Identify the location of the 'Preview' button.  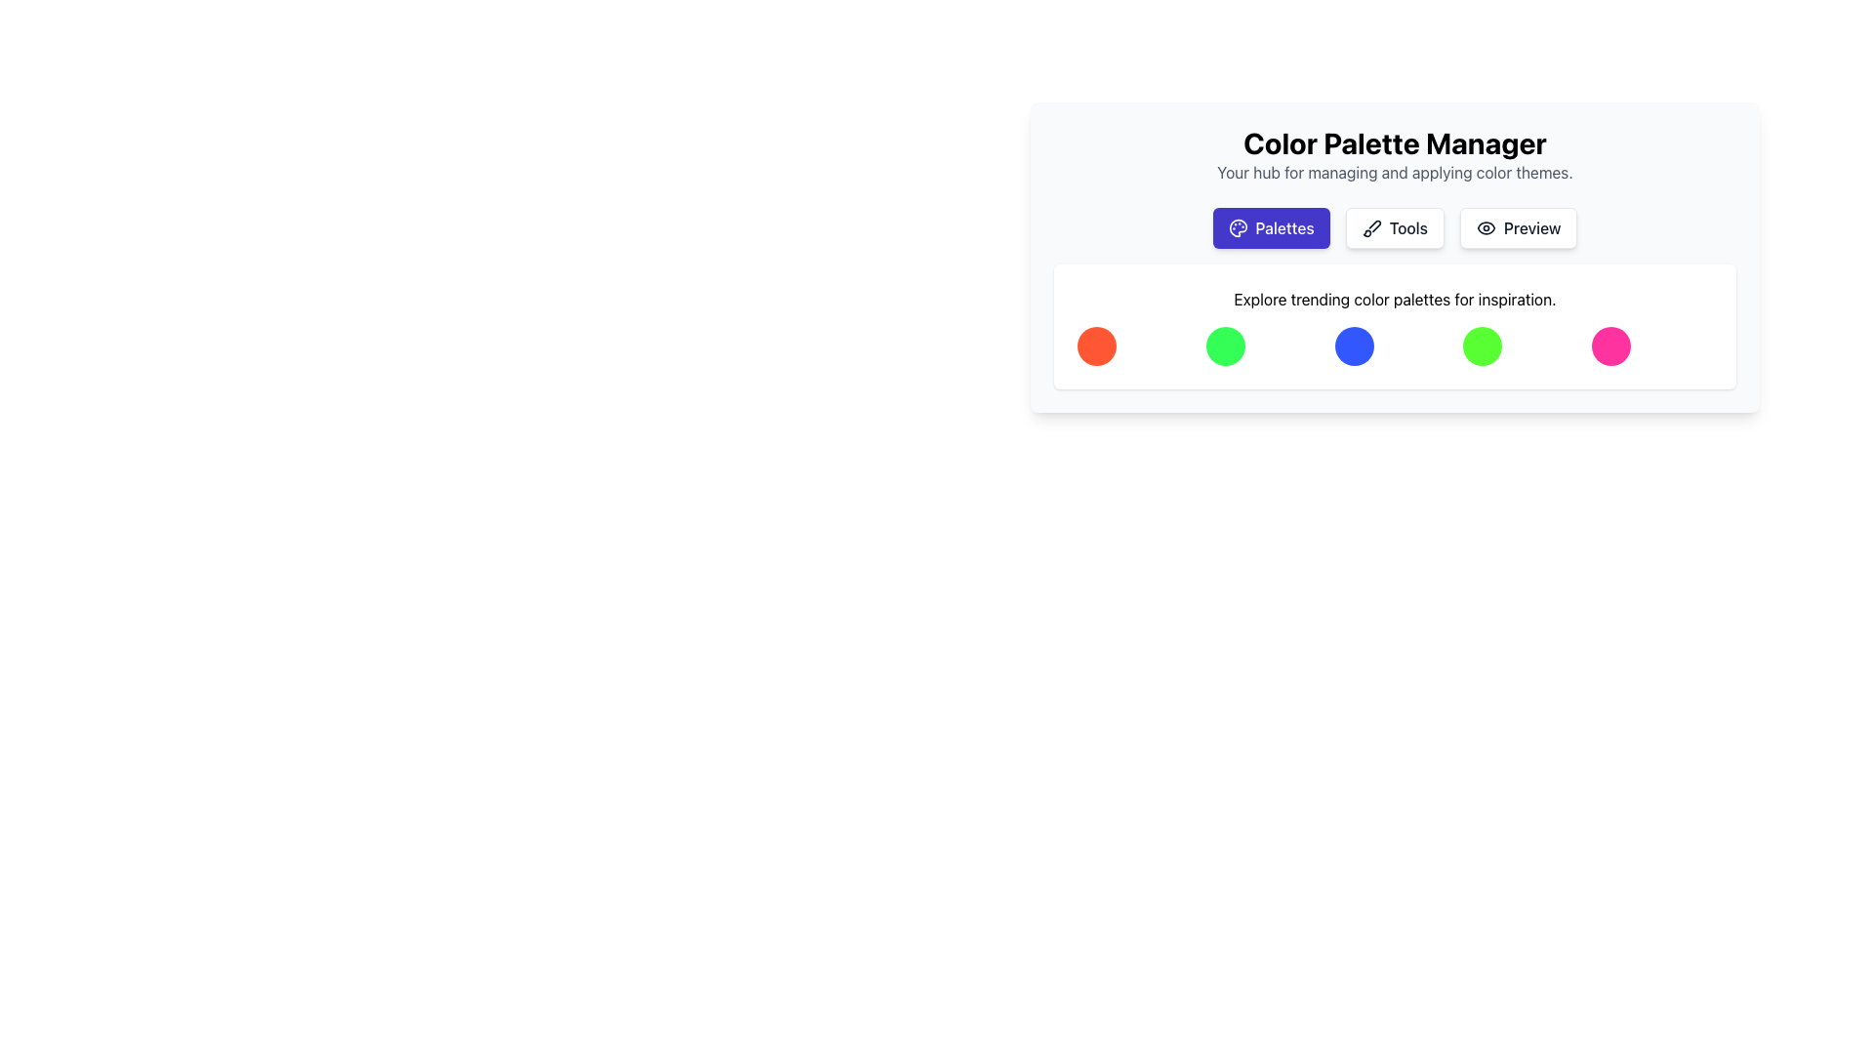
(1518, 227).